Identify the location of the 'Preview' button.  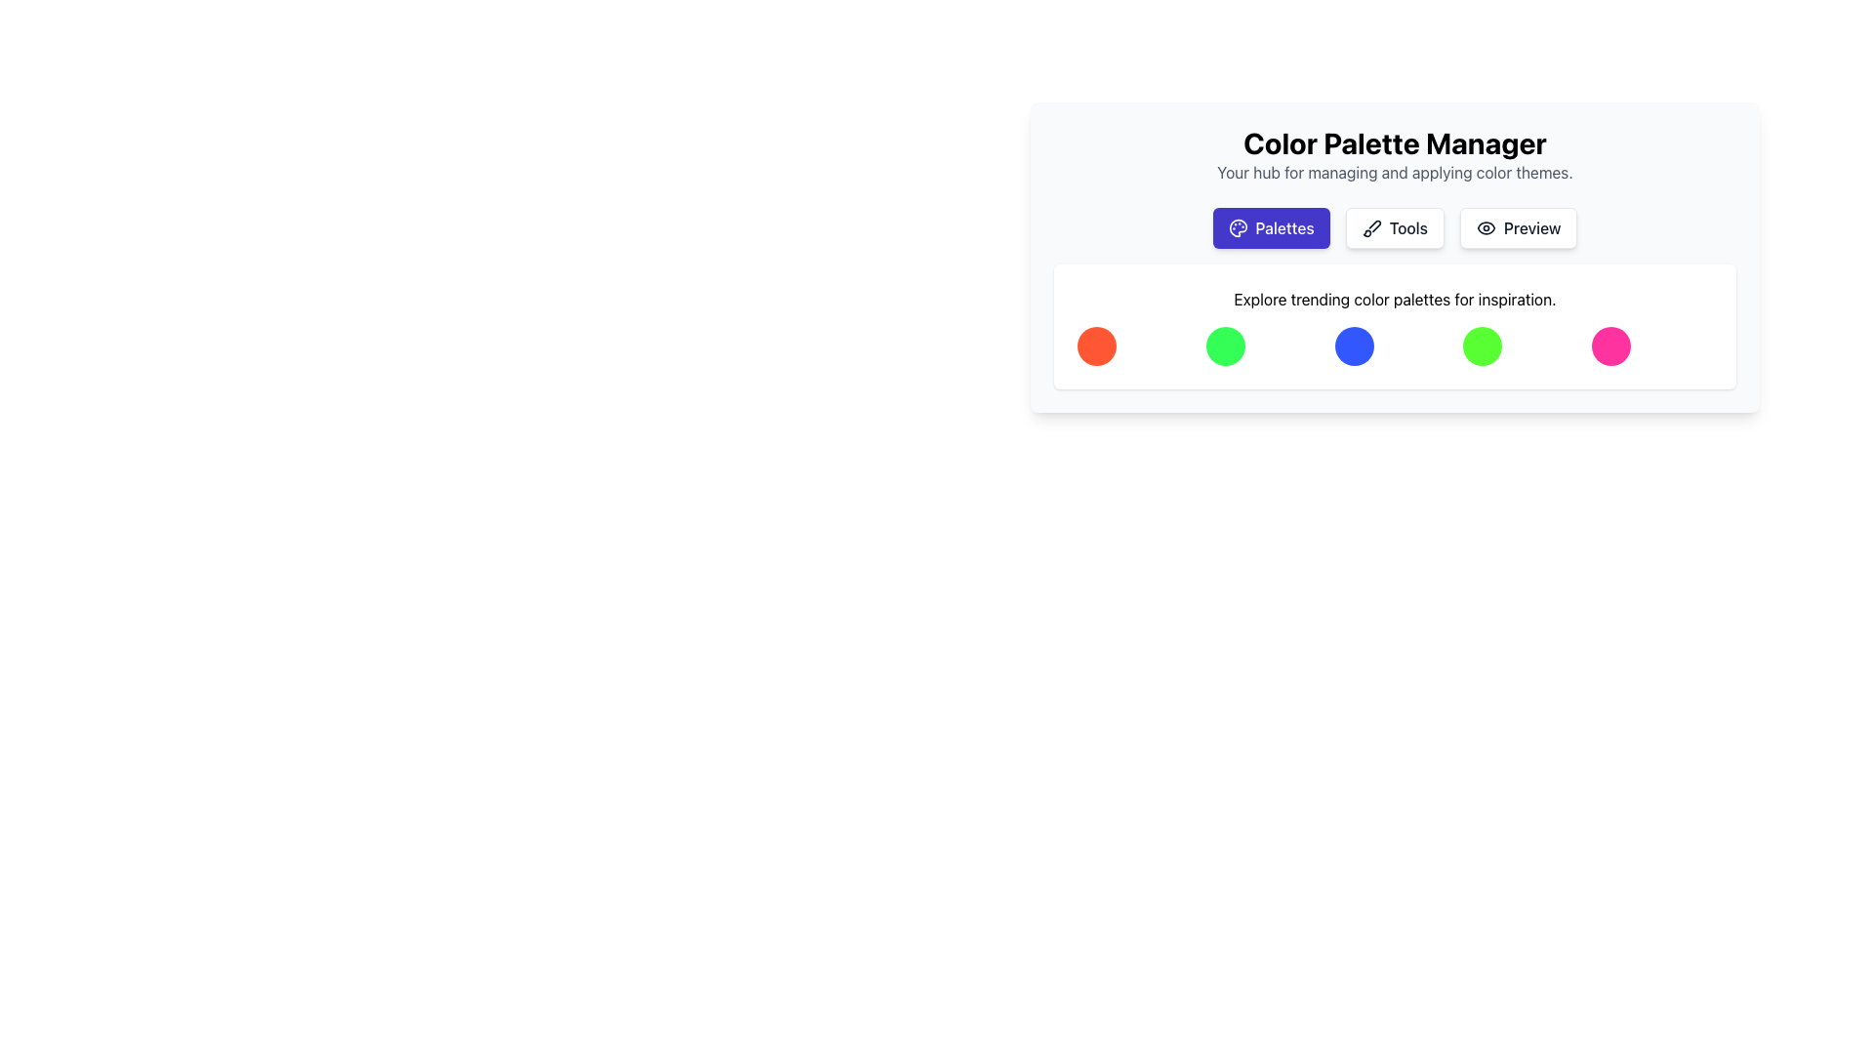
(1518, 227).